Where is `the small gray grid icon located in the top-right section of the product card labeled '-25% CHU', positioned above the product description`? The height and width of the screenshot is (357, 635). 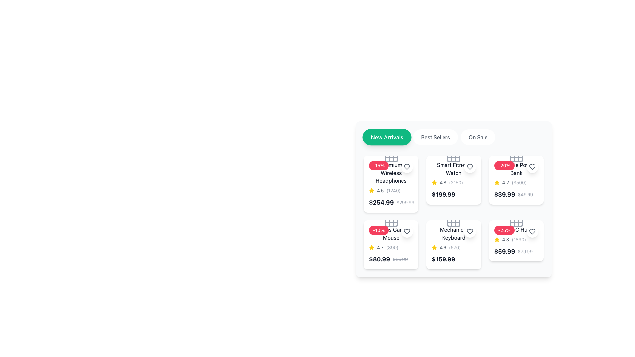
the small gray grid icon located in the top-right section of the product card labeled '-25% CHU', positioned above the product description is located at coordinates (516, 220).